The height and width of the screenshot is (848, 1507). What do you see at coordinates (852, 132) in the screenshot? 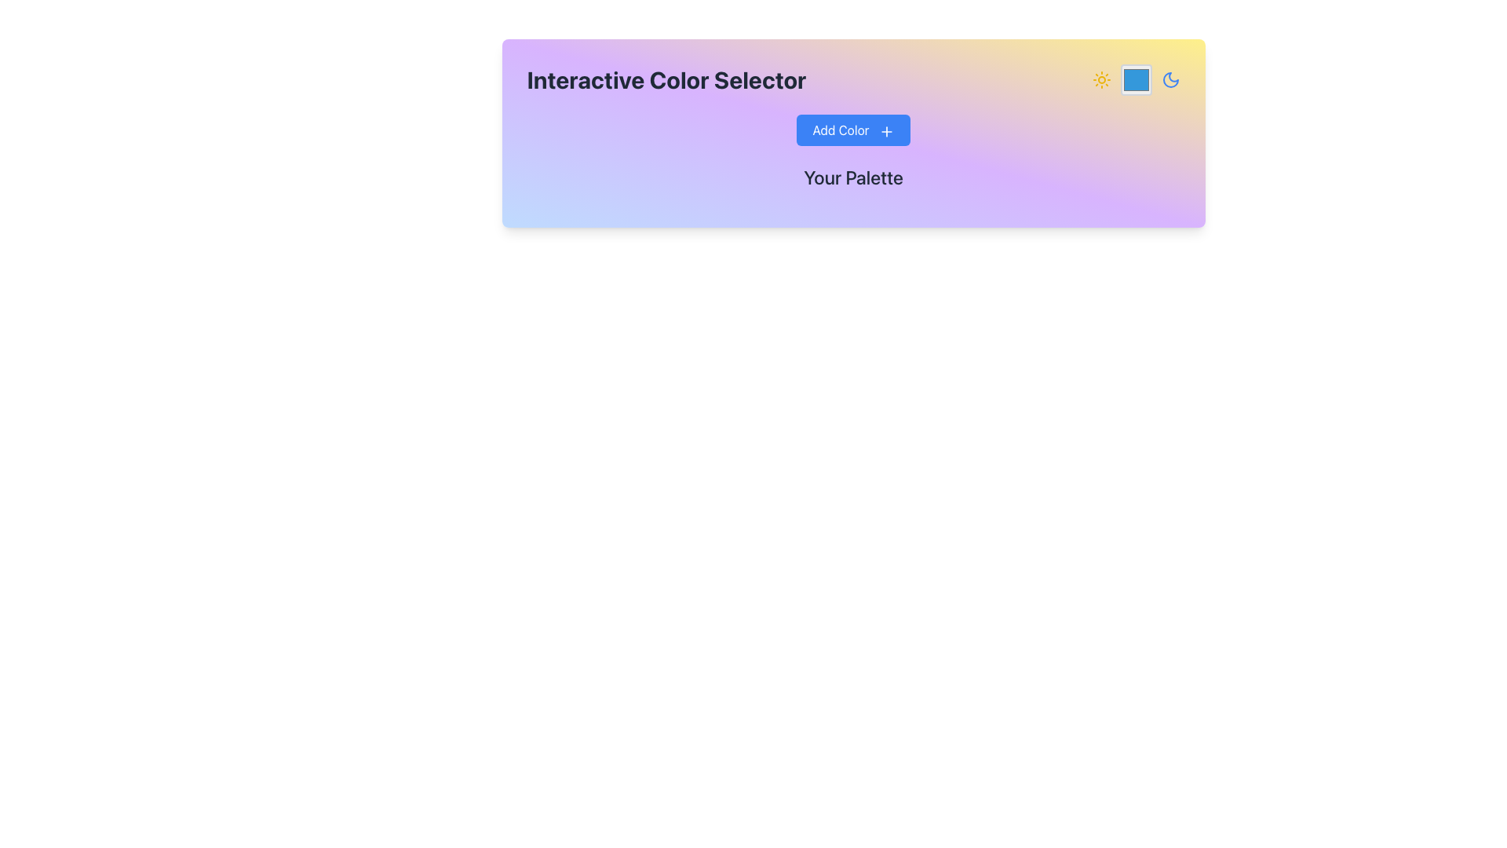
I see `the header section of the color management interface, which has a gradient background and contains buttons and icons` at bounding box center [852, 132].